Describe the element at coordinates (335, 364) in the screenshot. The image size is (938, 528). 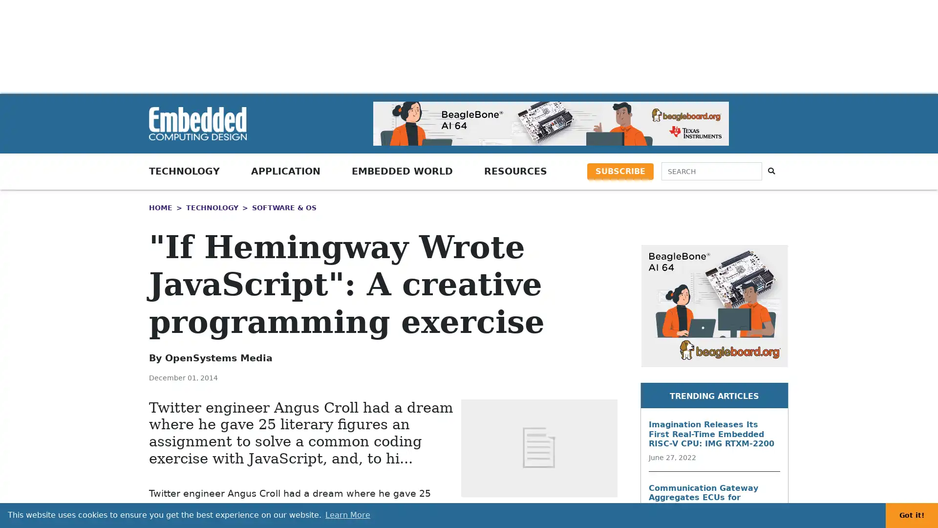
I see `Share to Email Email` at that location.